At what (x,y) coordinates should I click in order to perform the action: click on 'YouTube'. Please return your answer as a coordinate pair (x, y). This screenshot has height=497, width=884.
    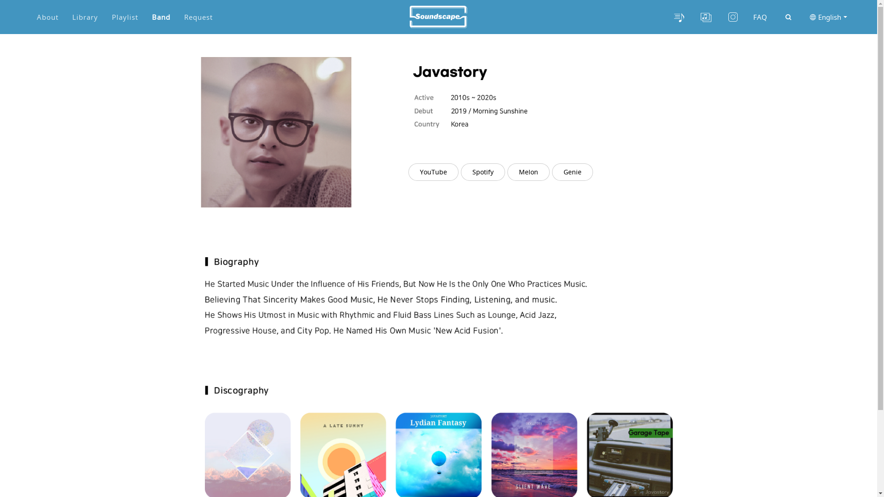
    Looking at the image, I should click on (408, 172).